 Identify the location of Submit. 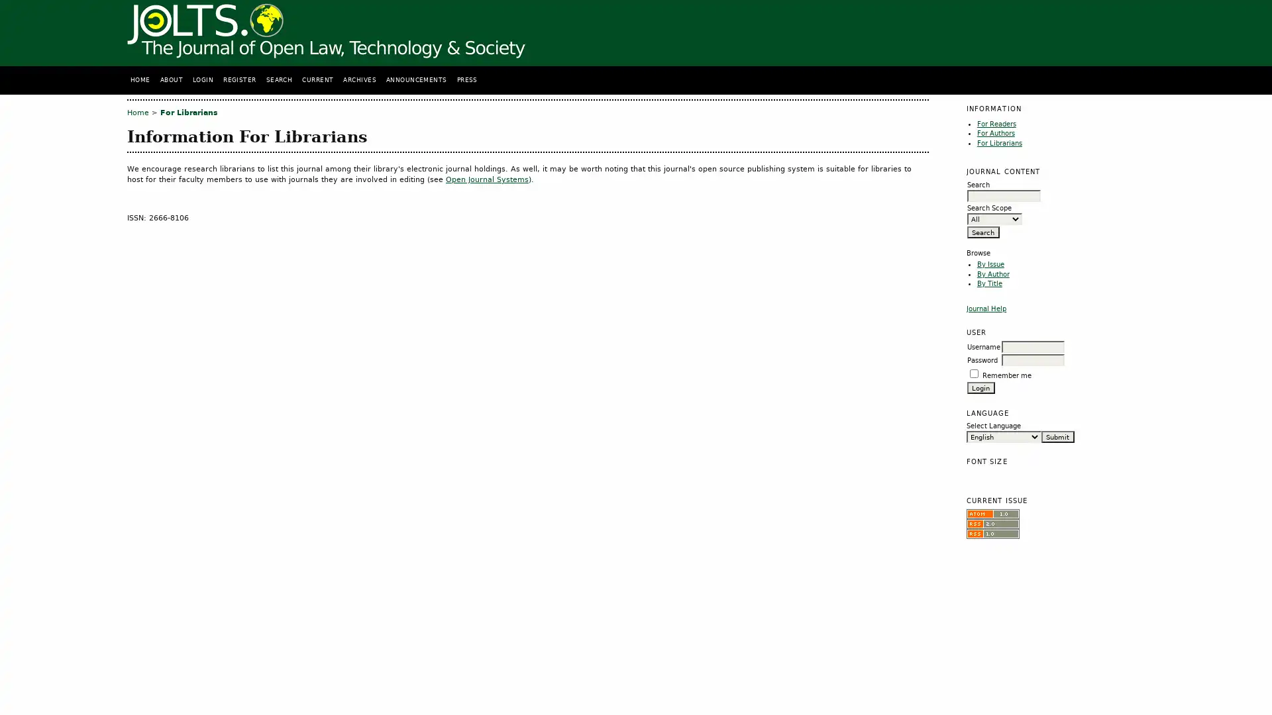
(1057, 436).